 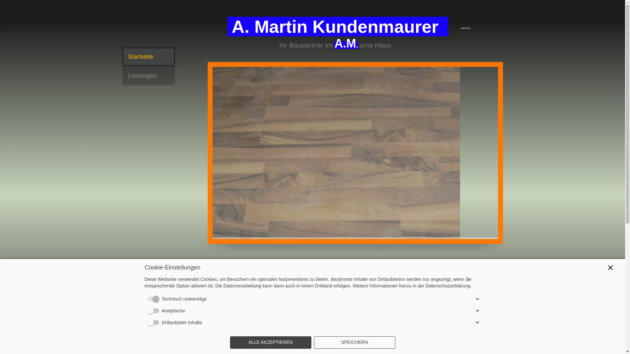 I want to click on 'ALLE AKZEPTIEREN', so click(x=270, y=342).